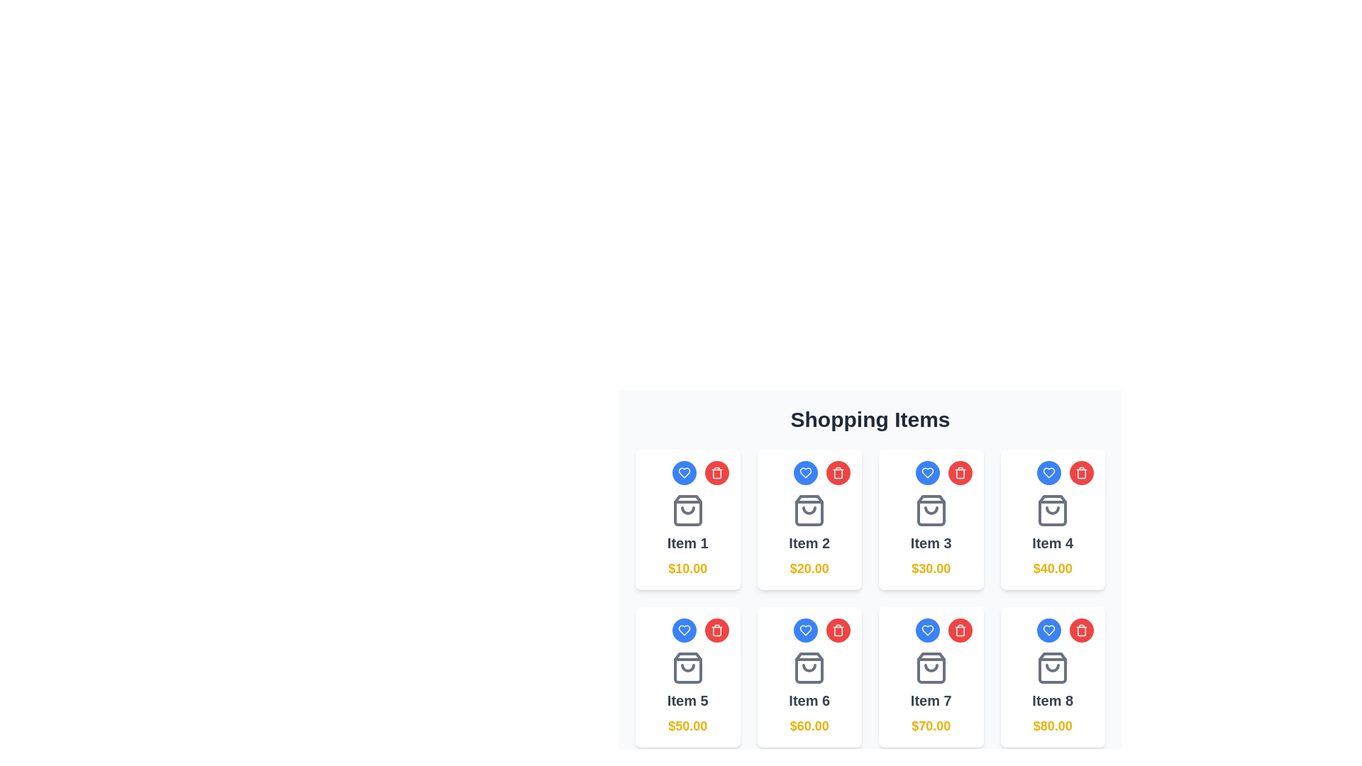 The height and width of the screenshot is (766, 1362). What do you see at coordinates (1053, 699) in the screenshot?
I see `the Text heading displaying the product name in the 'Item 8' block, located above the price label in the shopping list interface` at bounding box center [1053, 699].